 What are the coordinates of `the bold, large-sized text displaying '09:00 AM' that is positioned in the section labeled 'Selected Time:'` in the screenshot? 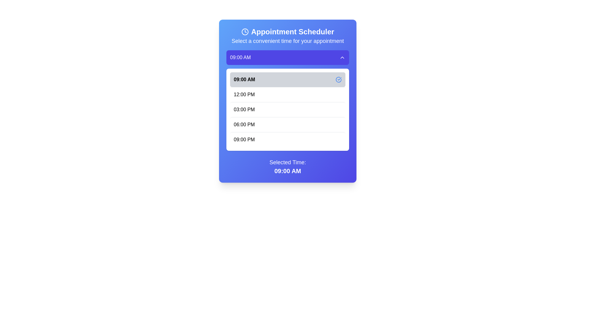 It's located at (287, 171).